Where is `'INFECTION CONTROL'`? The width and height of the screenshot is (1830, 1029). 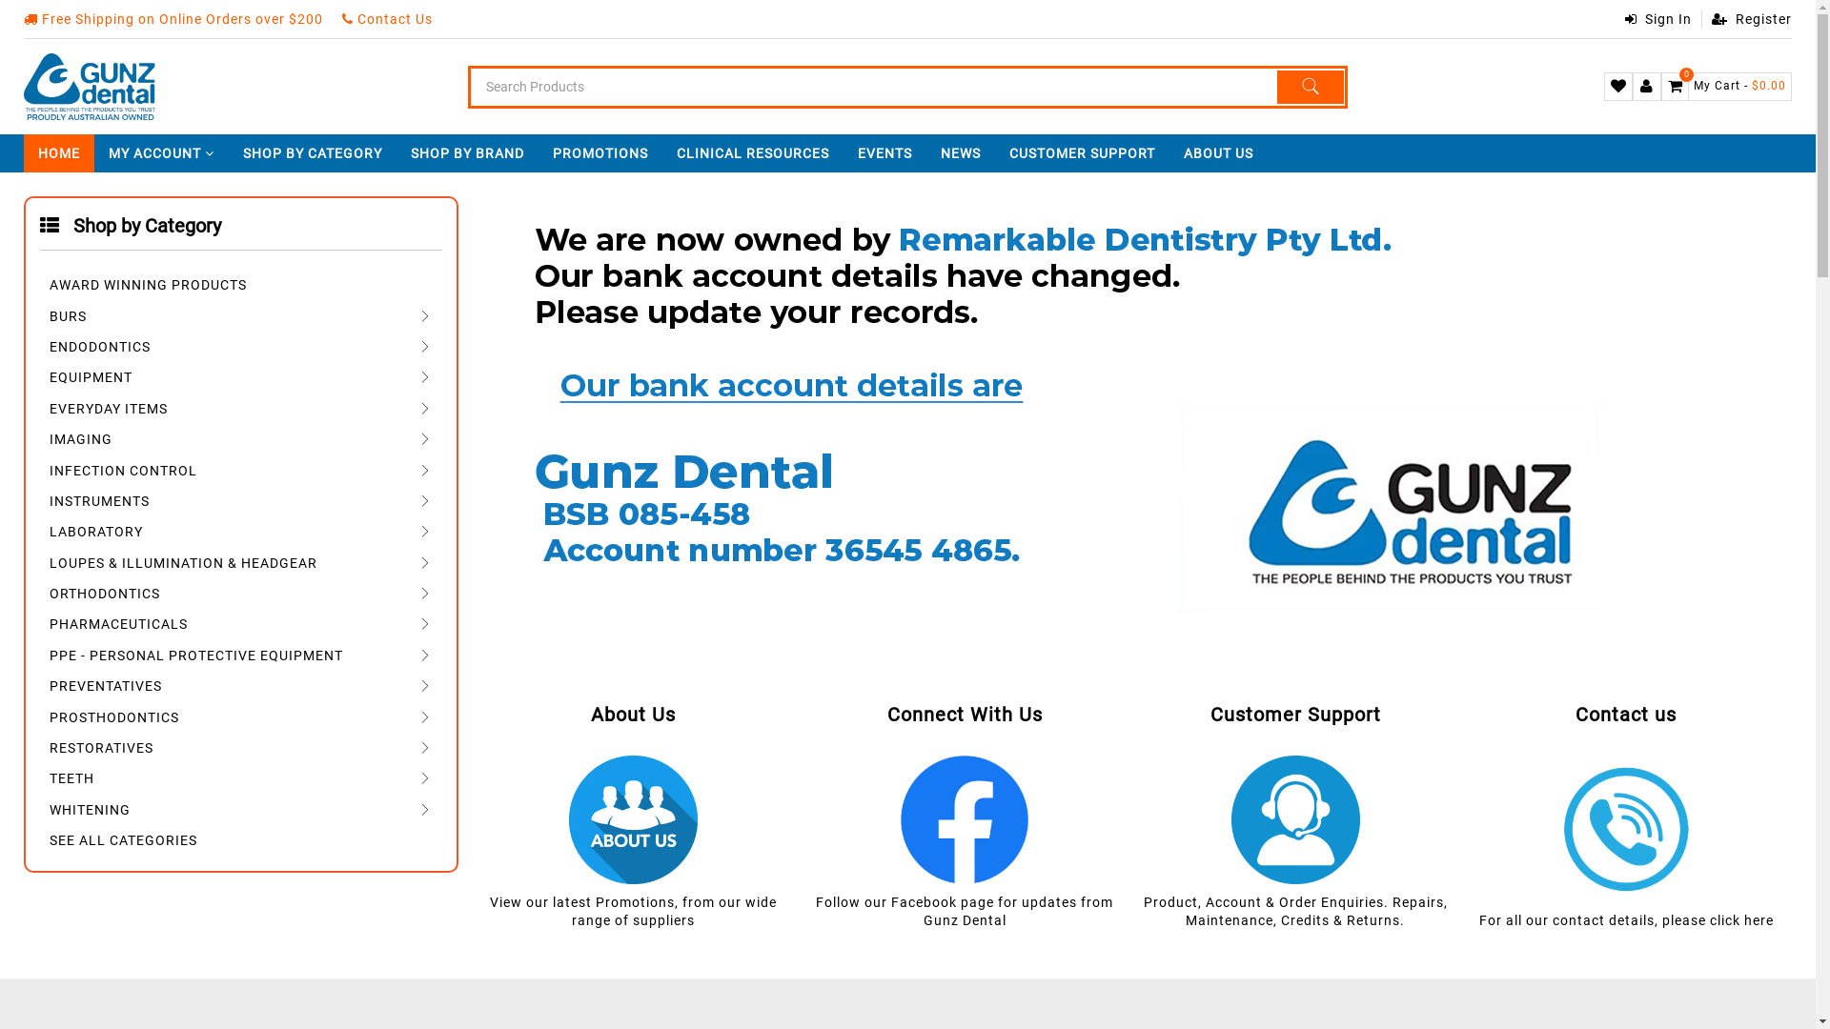 'INFECTION CONTROL' is located at coordinates (240, 470).